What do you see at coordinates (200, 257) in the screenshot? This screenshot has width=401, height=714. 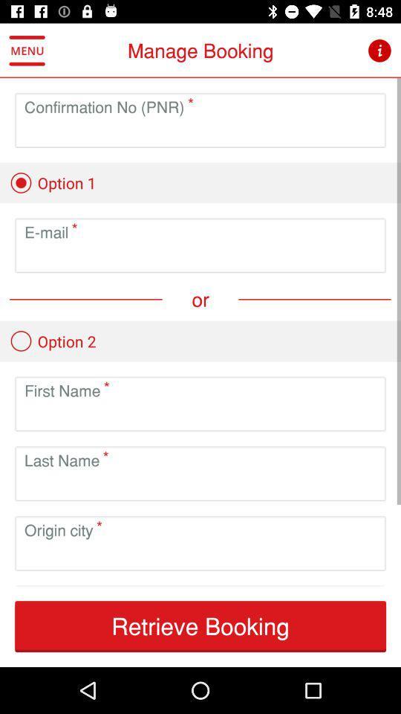 I see `email address` at bounding box center [200, 257].